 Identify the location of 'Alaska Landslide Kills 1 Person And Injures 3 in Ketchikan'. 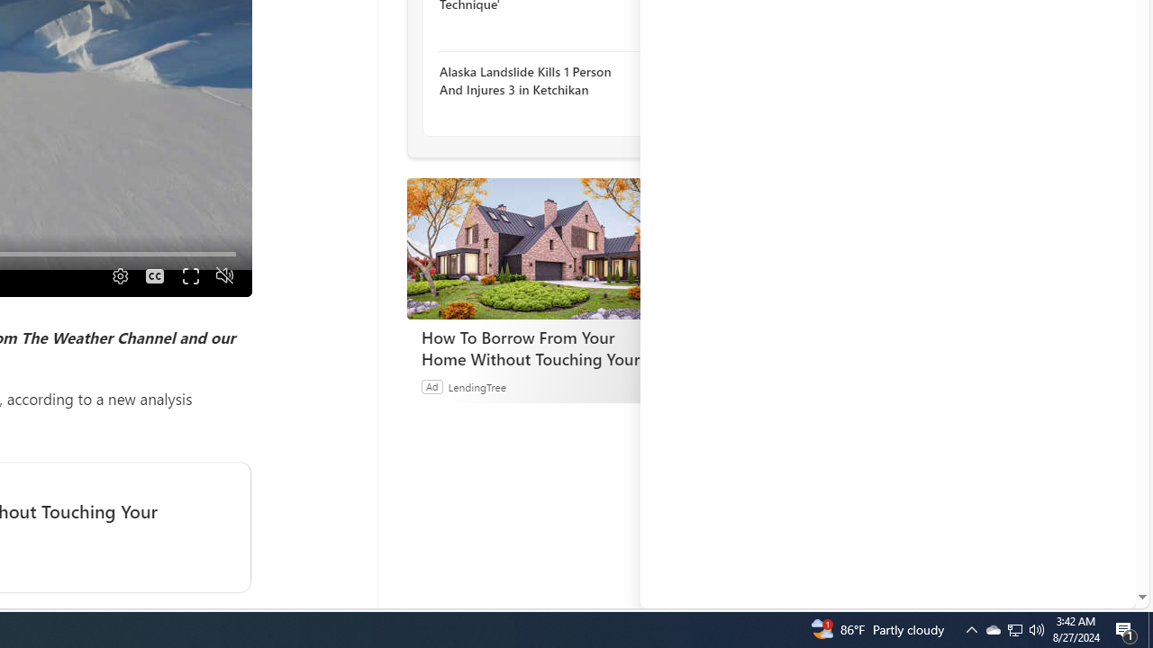
(536, 79).